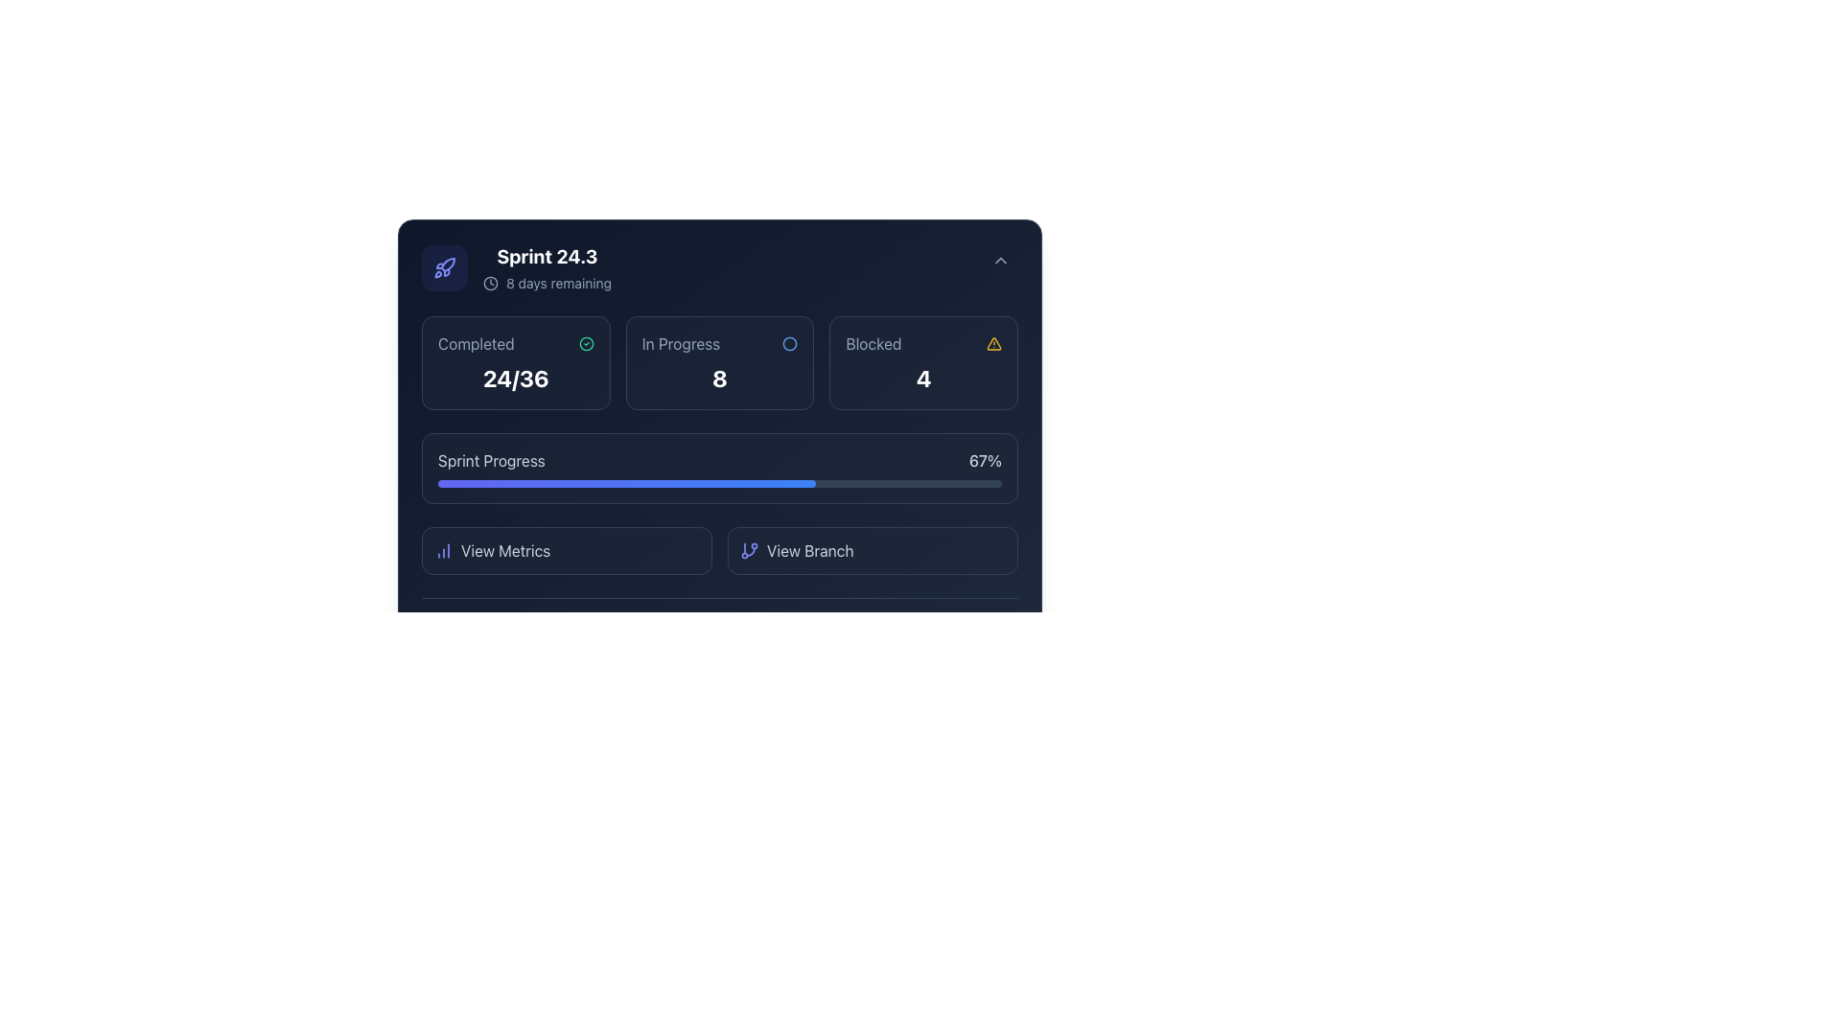 Image resolution: width=1841 pixels, height=1035 pixels. Describe the element at coordinates (718, 362) in the screenshot. I see `the Status Card, which indicates the count of items 'In Progress' and is located between the 'Completed' and 'Blocked' sections in the middle column of a three-column layout` at that location.